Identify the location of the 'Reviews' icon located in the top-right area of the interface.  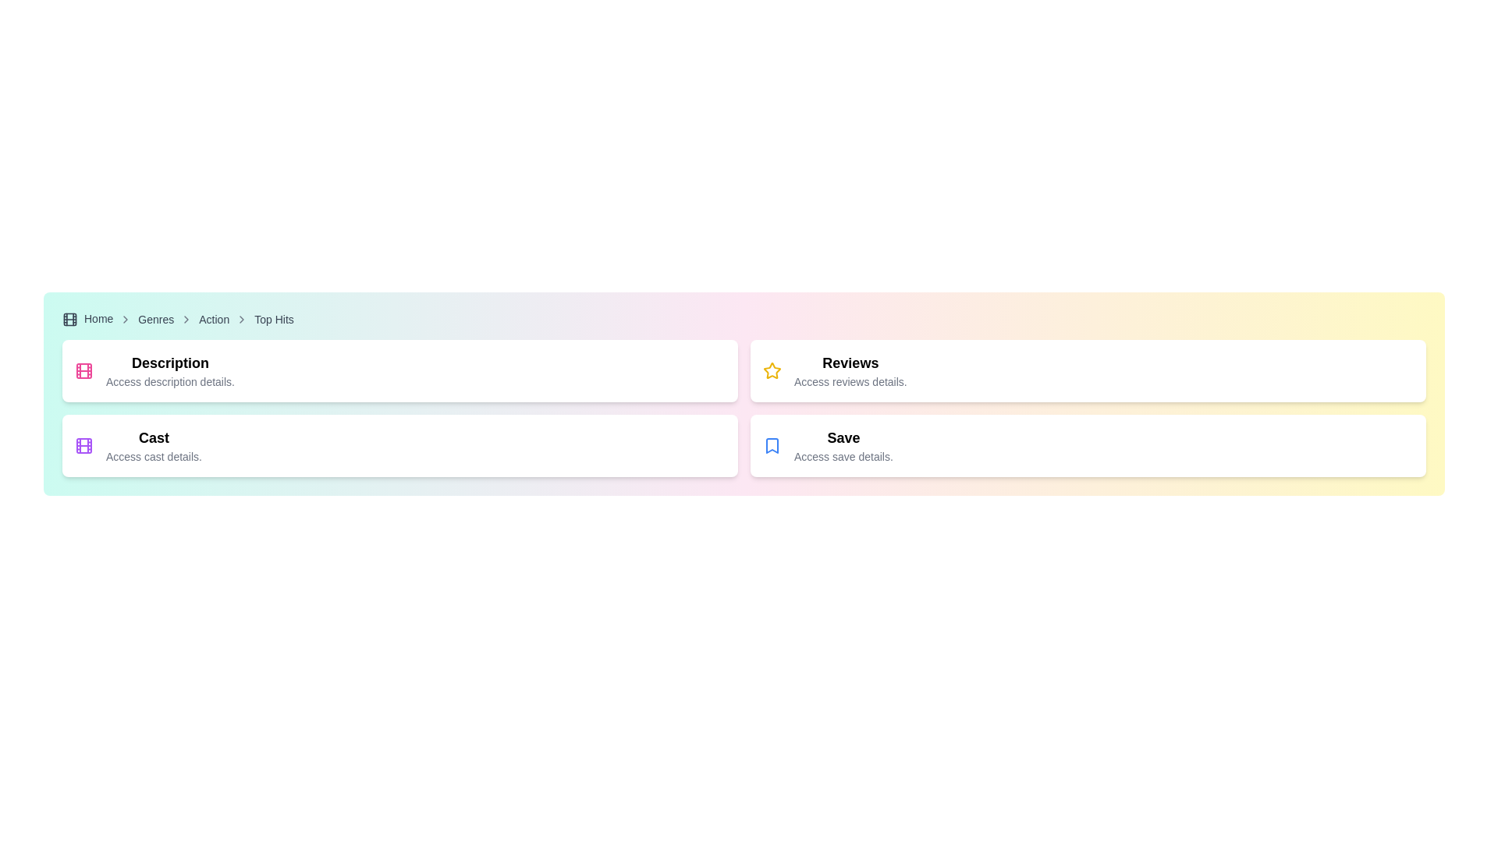
(772, 370).